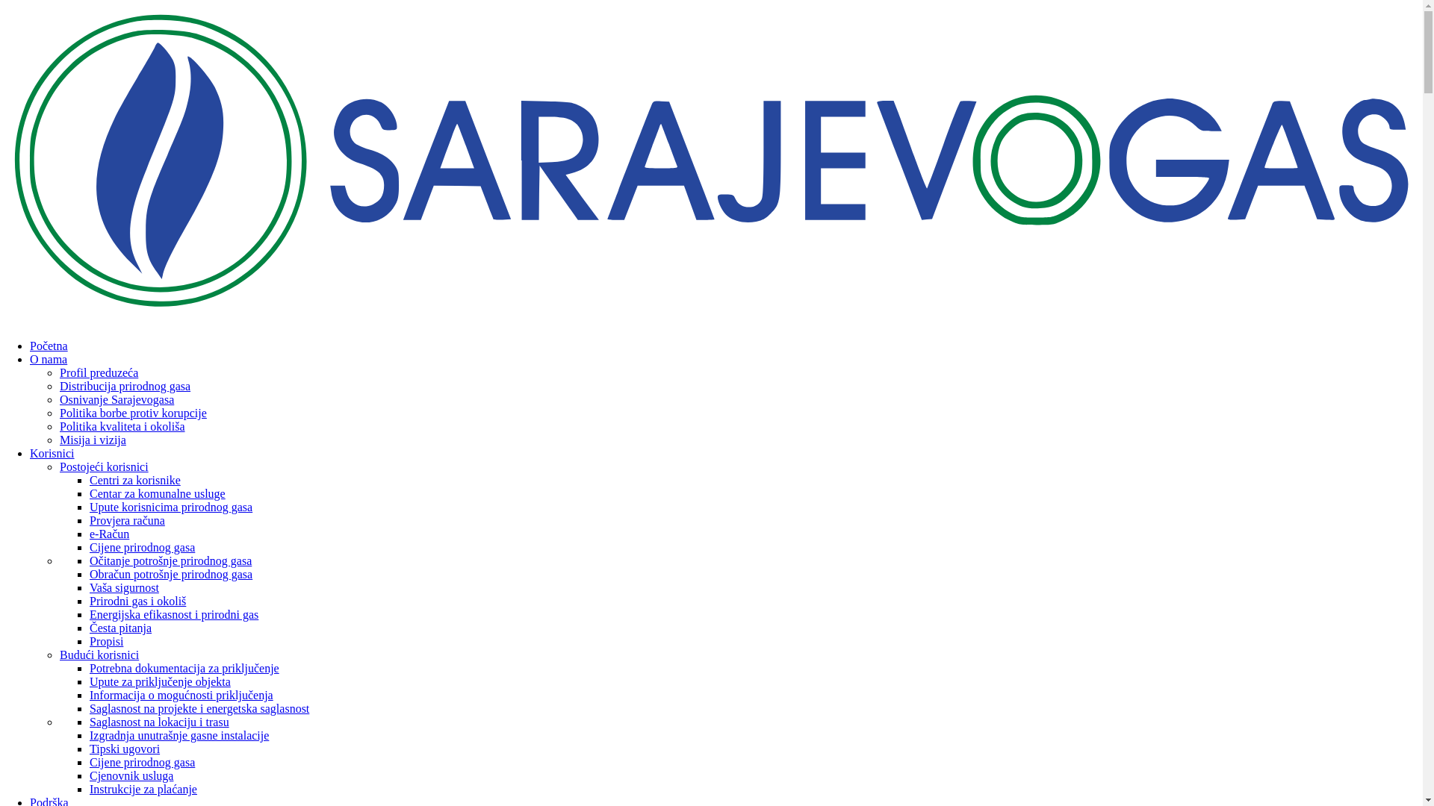  I want to click on 'Centri za korisnike', so click(135, 480).